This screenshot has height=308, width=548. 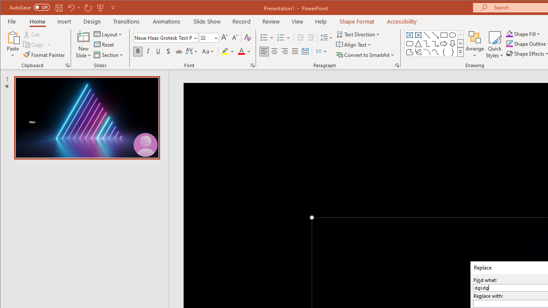 What do you see at coordinates (509, 44) in the screenshot?
I see `'Shape Outline Blue, Accent 1'` at bounding box center [509, 44].